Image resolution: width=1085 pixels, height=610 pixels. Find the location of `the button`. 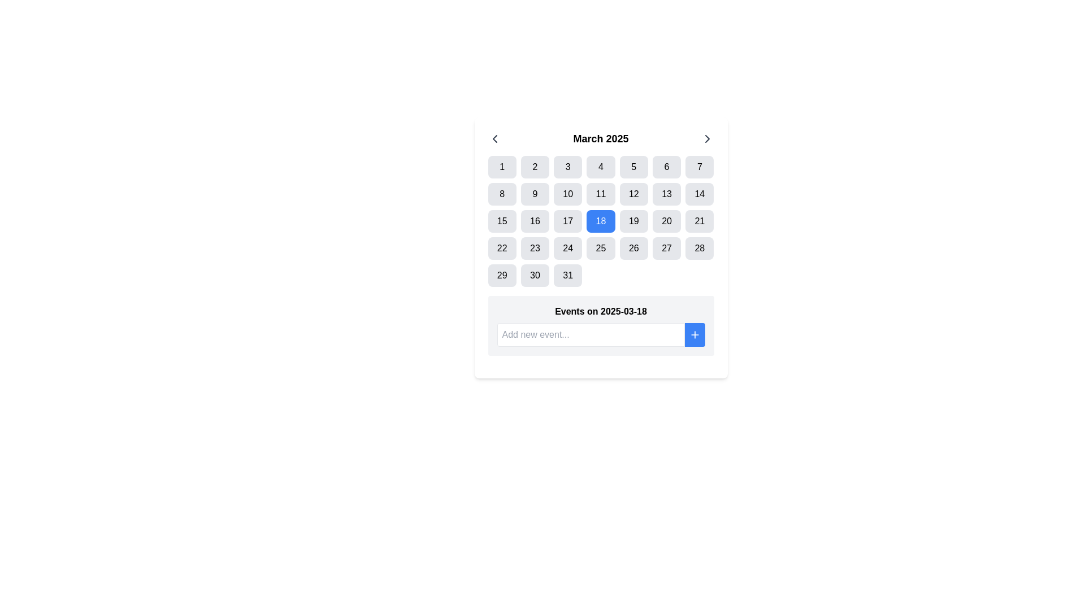

the button is located at coordinates (494, 138).